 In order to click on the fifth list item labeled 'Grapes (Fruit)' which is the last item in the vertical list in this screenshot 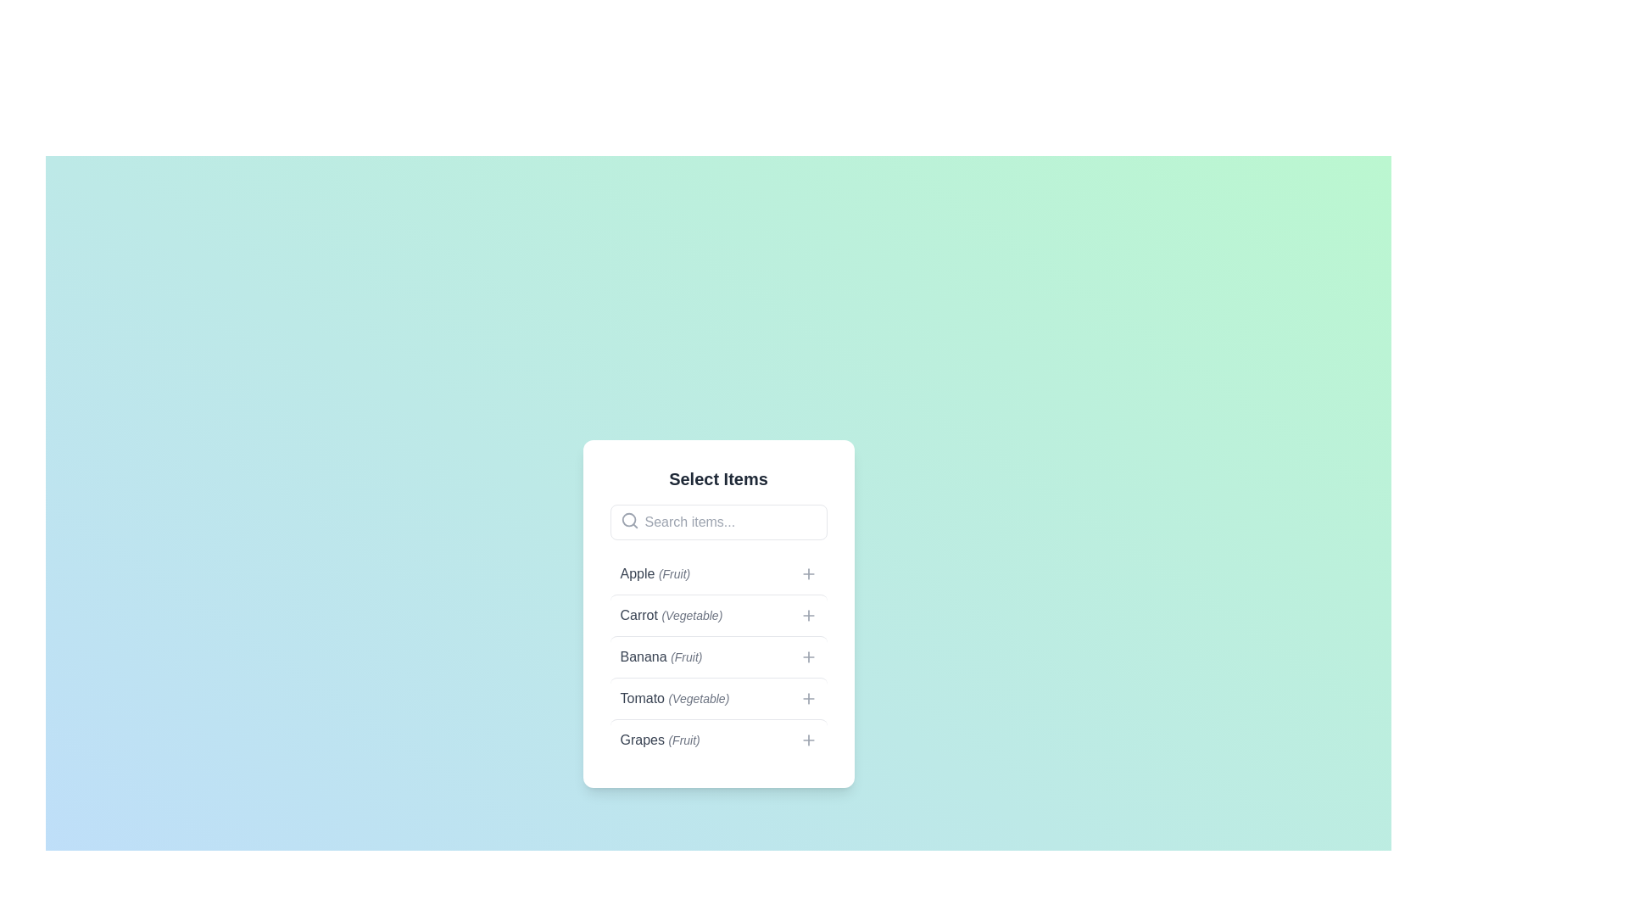, I will do `click(718, 739)`.